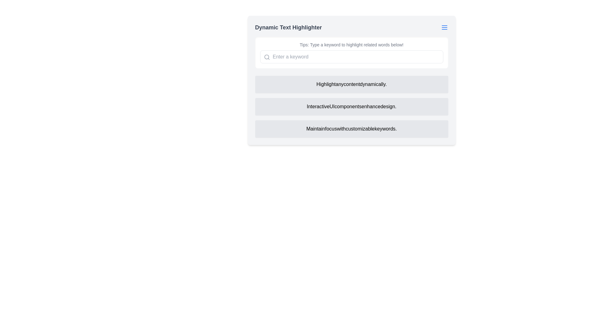 This screenshot has width=594, height=334. What do you see at coordinates (332, 106) in the screenshot?
I see `the text 'UI' which is part of the sentence 'Interactive UI components enhance design.' This text is centrally aligned within a card and is the second item in the sequence of textual components` at bounding box center [332, 106].